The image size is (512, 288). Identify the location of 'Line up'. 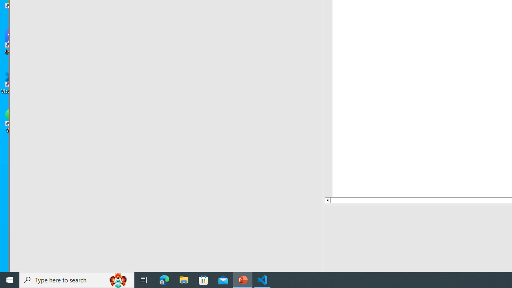
(327, 200).